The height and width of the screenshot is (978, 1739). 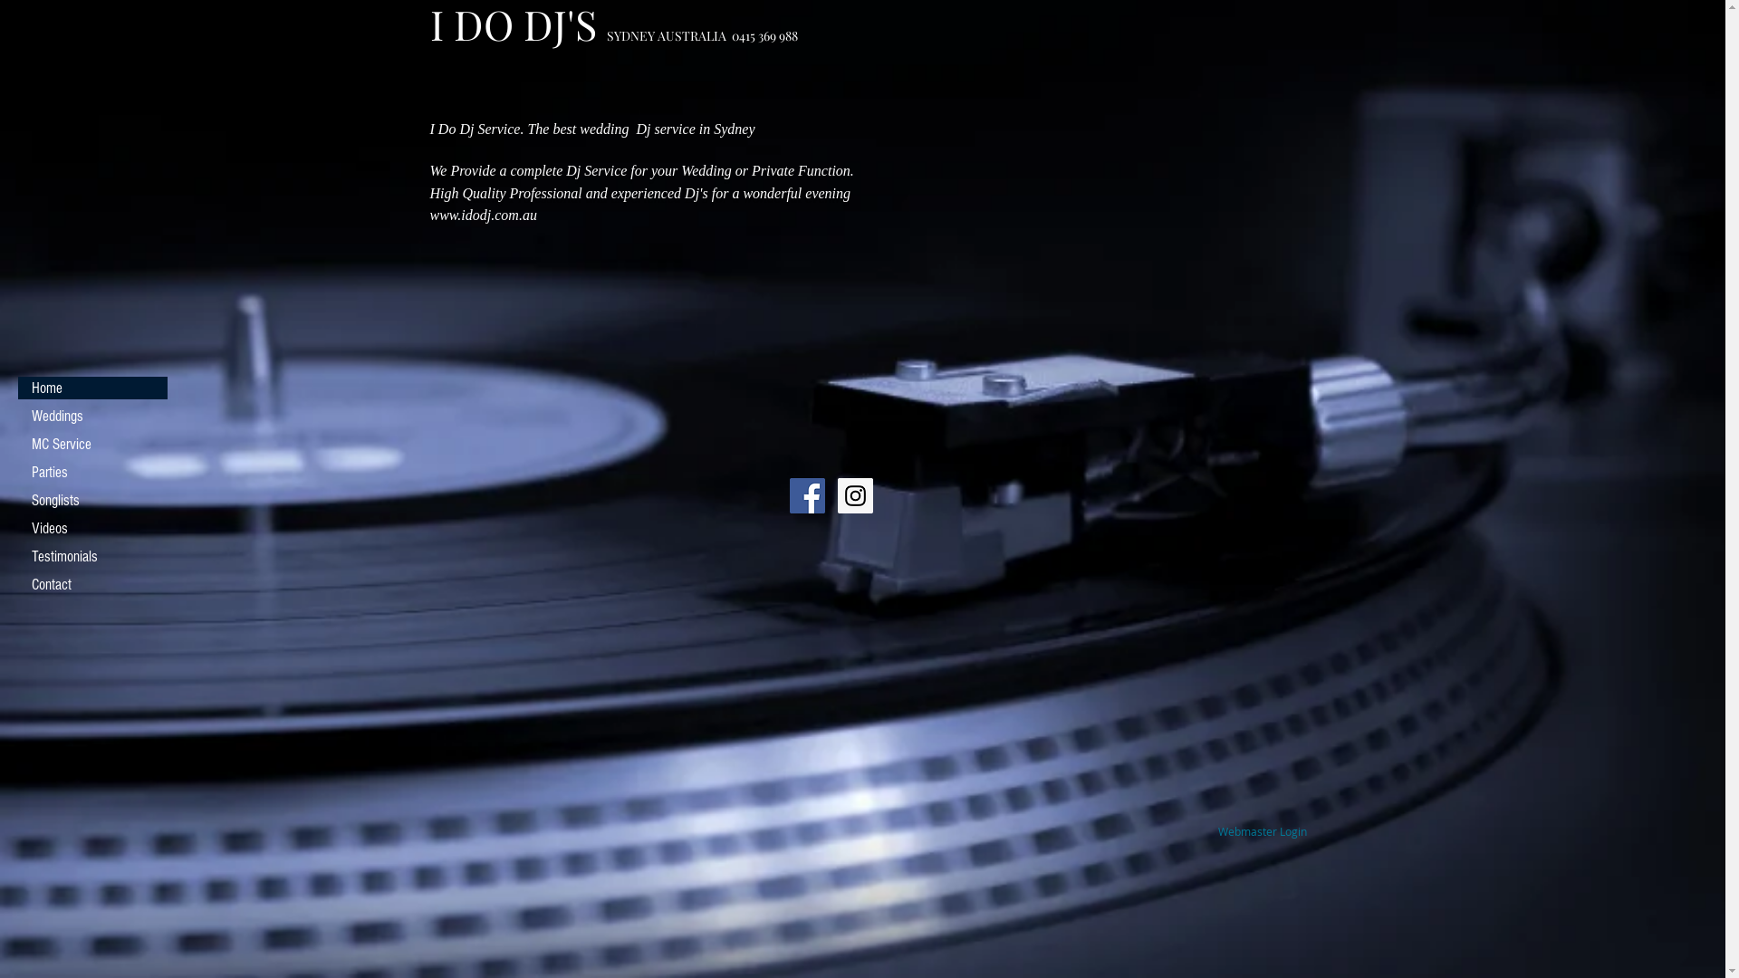 I want to click on 'Home', so click(x=91, y=387).